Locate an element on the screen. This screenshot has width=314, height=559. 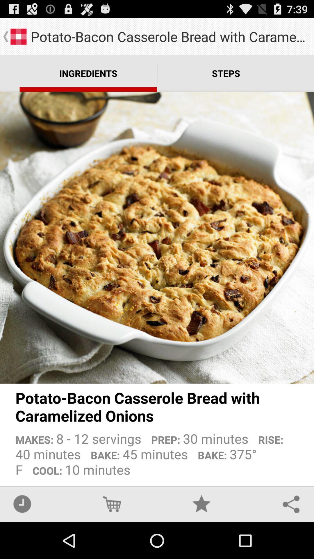
the app below makes 8 12 icon is located at coordinates (291, 504).